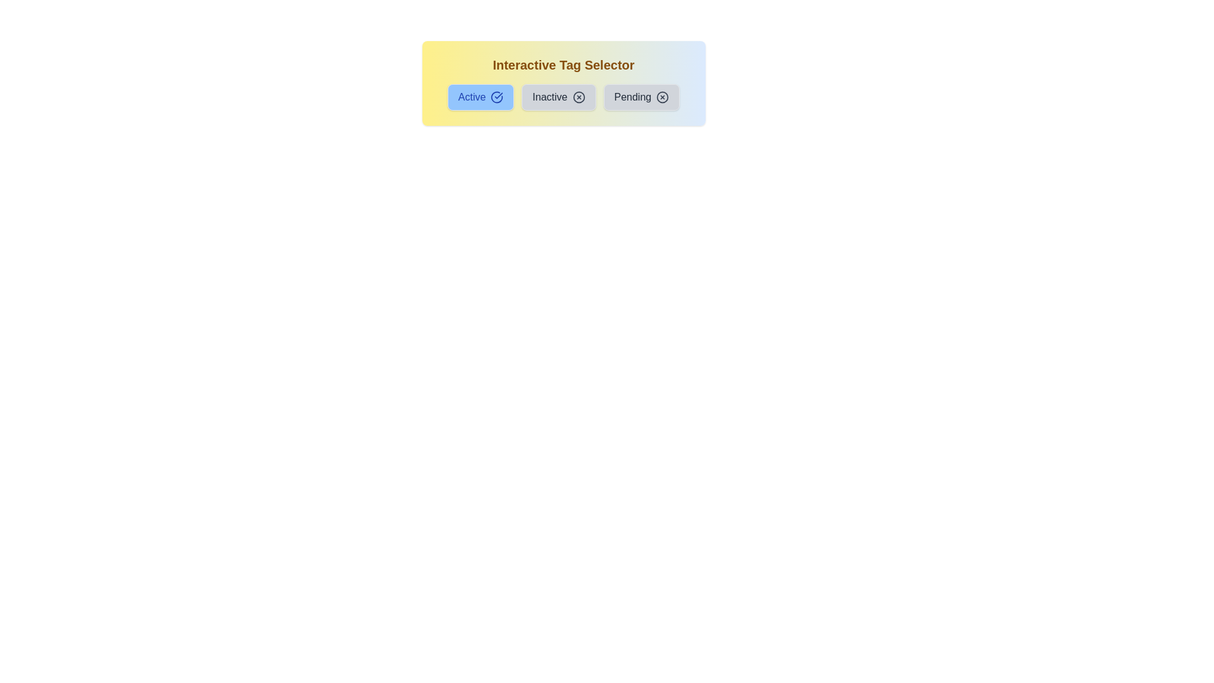  Describe the element at coordinates (479, 97) in the screenshot. I see `the Active tag by clicking on it` at that location.